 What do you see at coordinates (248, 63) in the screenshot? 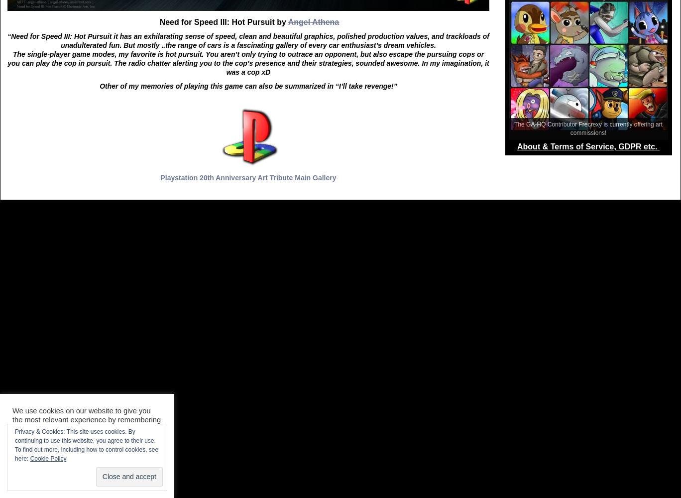
I see `'The single-player game modes, my favorite is hot pursuit. You aren’t only trying to outrace an opponent, but also escape the pursuing cops or you can play the cop in pursuit. The radio chatter alerting you to the cop’s presence and their strategies, sounded awesome. In my imagination, it was a cop xD'` at bounding box center [248, 63].